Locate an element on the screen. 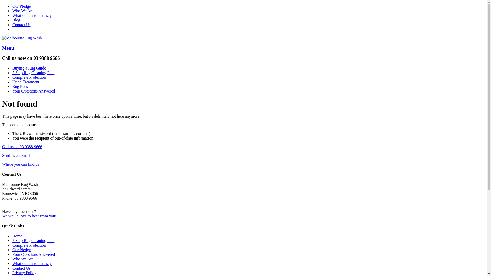  'Call us on 03 9388 9666' is located at coordinates (22, 147).